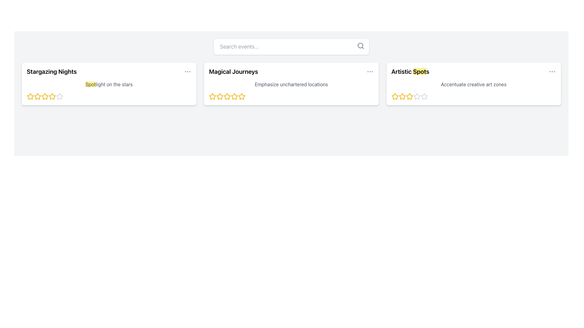 The image size is (584, 328). I want to click on the circular lens of the magnifying glass icon, which is part of the search icon located in the top-right corner of the interface, so click(360, 45).